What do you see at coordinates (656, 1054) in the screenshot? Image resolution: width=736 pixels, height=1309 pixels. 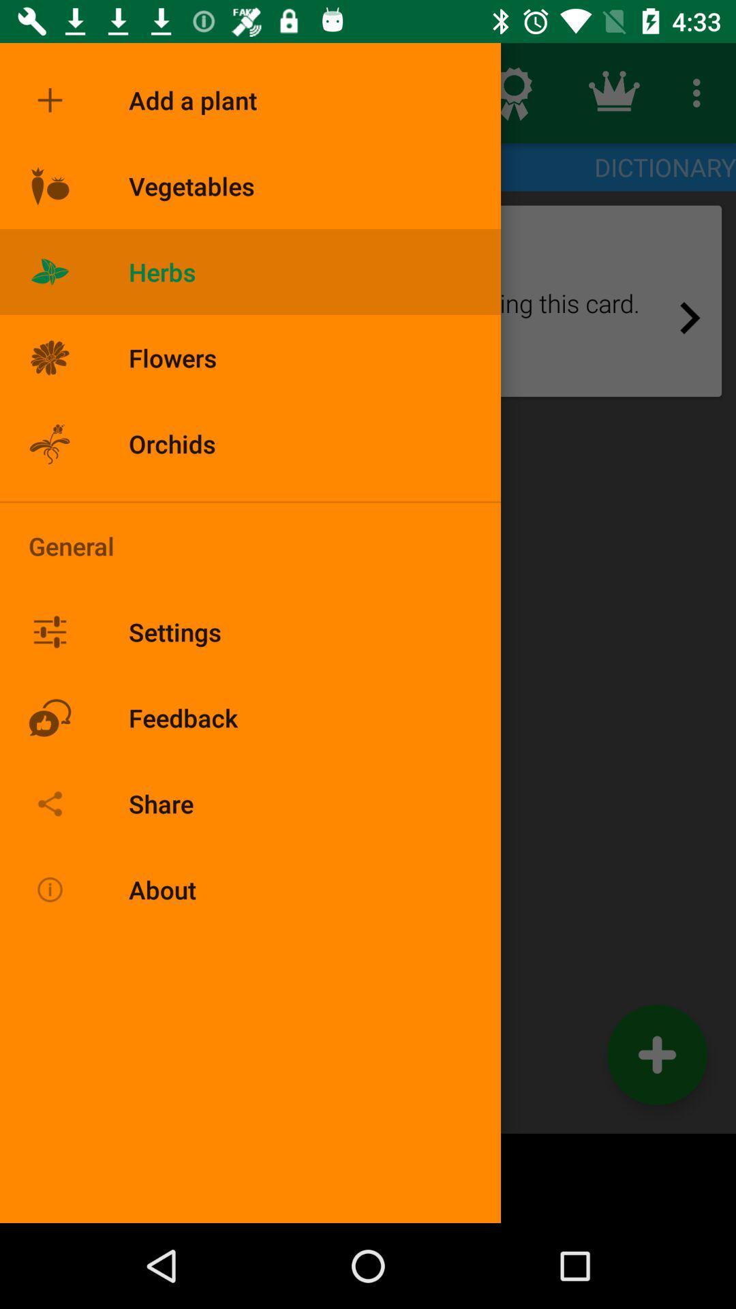 I see `the add icon` at bounding box center [656, 1054].